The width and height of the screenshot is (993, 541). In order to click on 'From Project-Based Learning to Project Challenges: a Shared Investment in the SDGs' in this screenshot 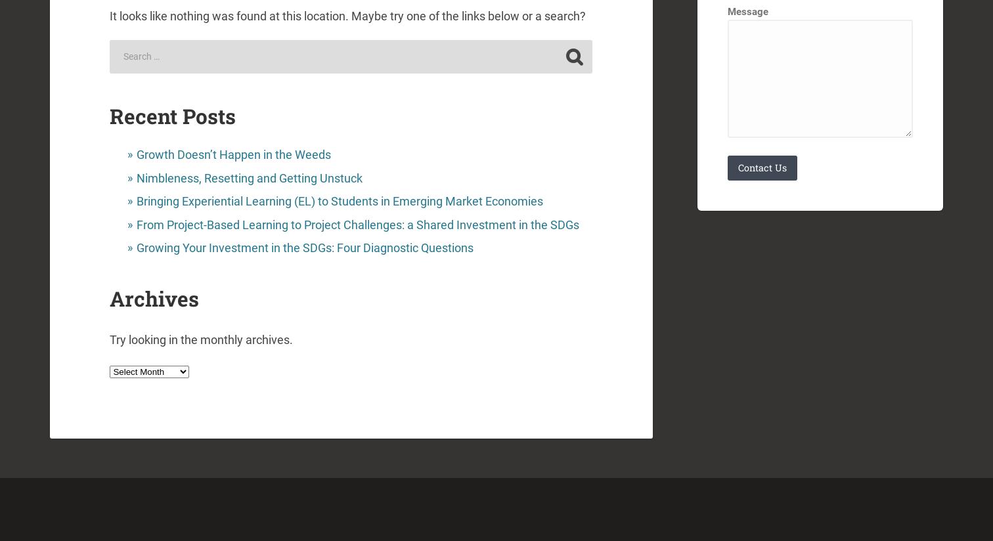, I will do `click(357, 224)`.